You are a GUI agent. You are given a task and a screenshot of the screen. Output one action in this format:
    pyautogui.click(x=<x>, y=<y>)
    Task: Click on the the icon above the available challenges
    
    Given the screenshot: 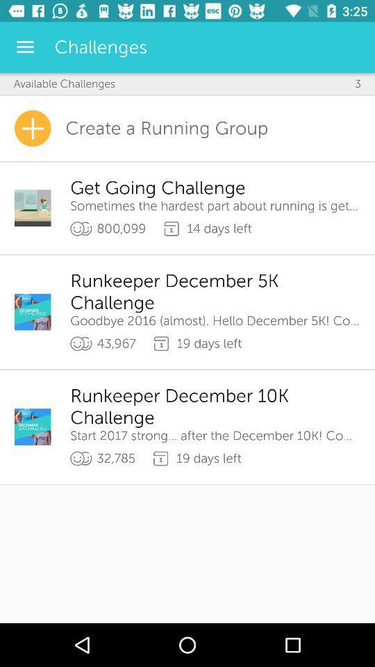 What is the action you would take?
    pyautogui.click(x=25, y=47)
    